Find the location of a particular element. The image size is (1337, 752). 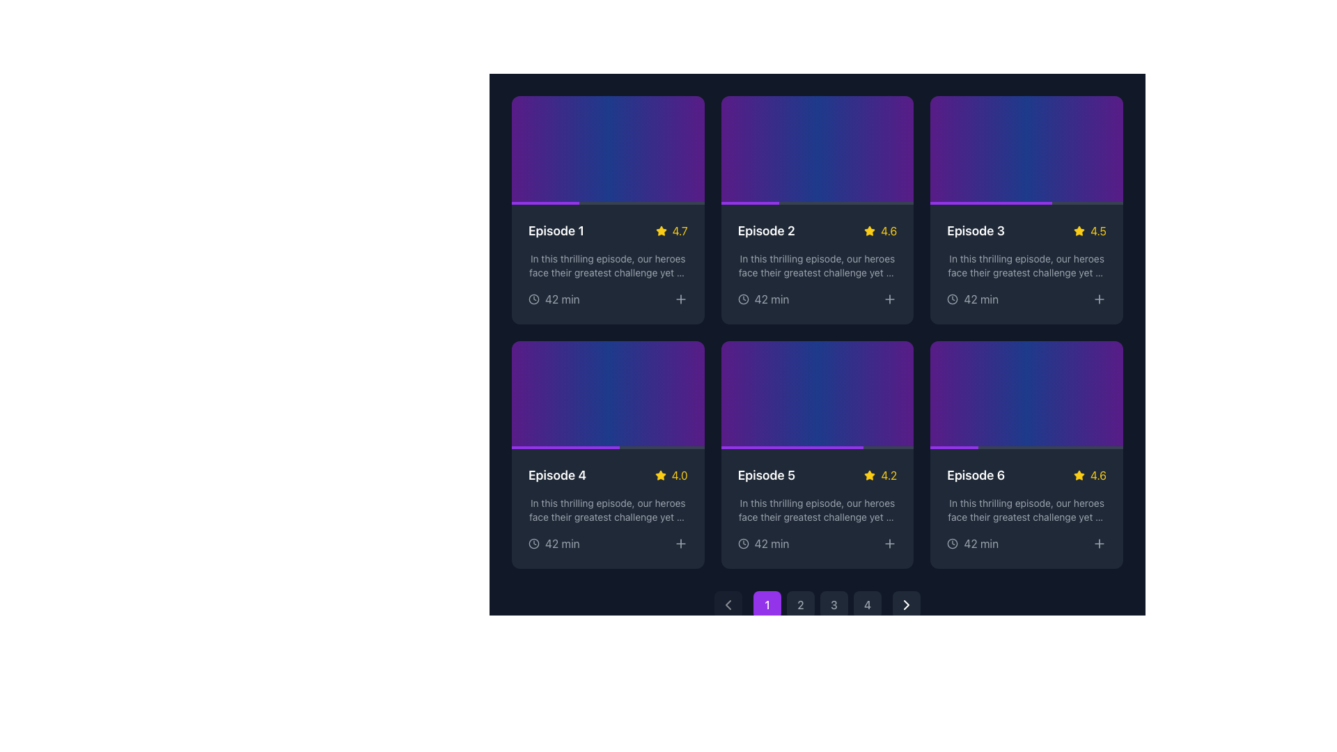

the decorative thumbnail element at the top of the 'Episode 3' card is located at coordinates (1026, 150).